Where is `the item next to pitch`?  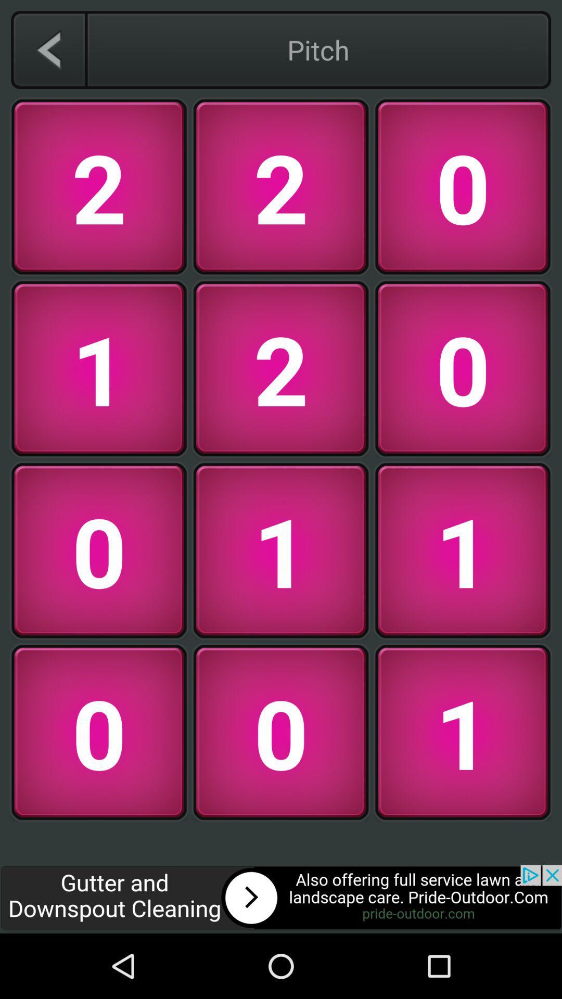
the item next to pitch is located at coordinates (48, 49).